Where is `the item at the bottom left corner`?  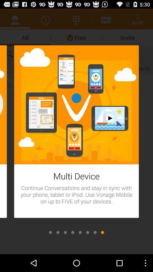 the item at the bottom left corner is located at coordinates (50, 232).